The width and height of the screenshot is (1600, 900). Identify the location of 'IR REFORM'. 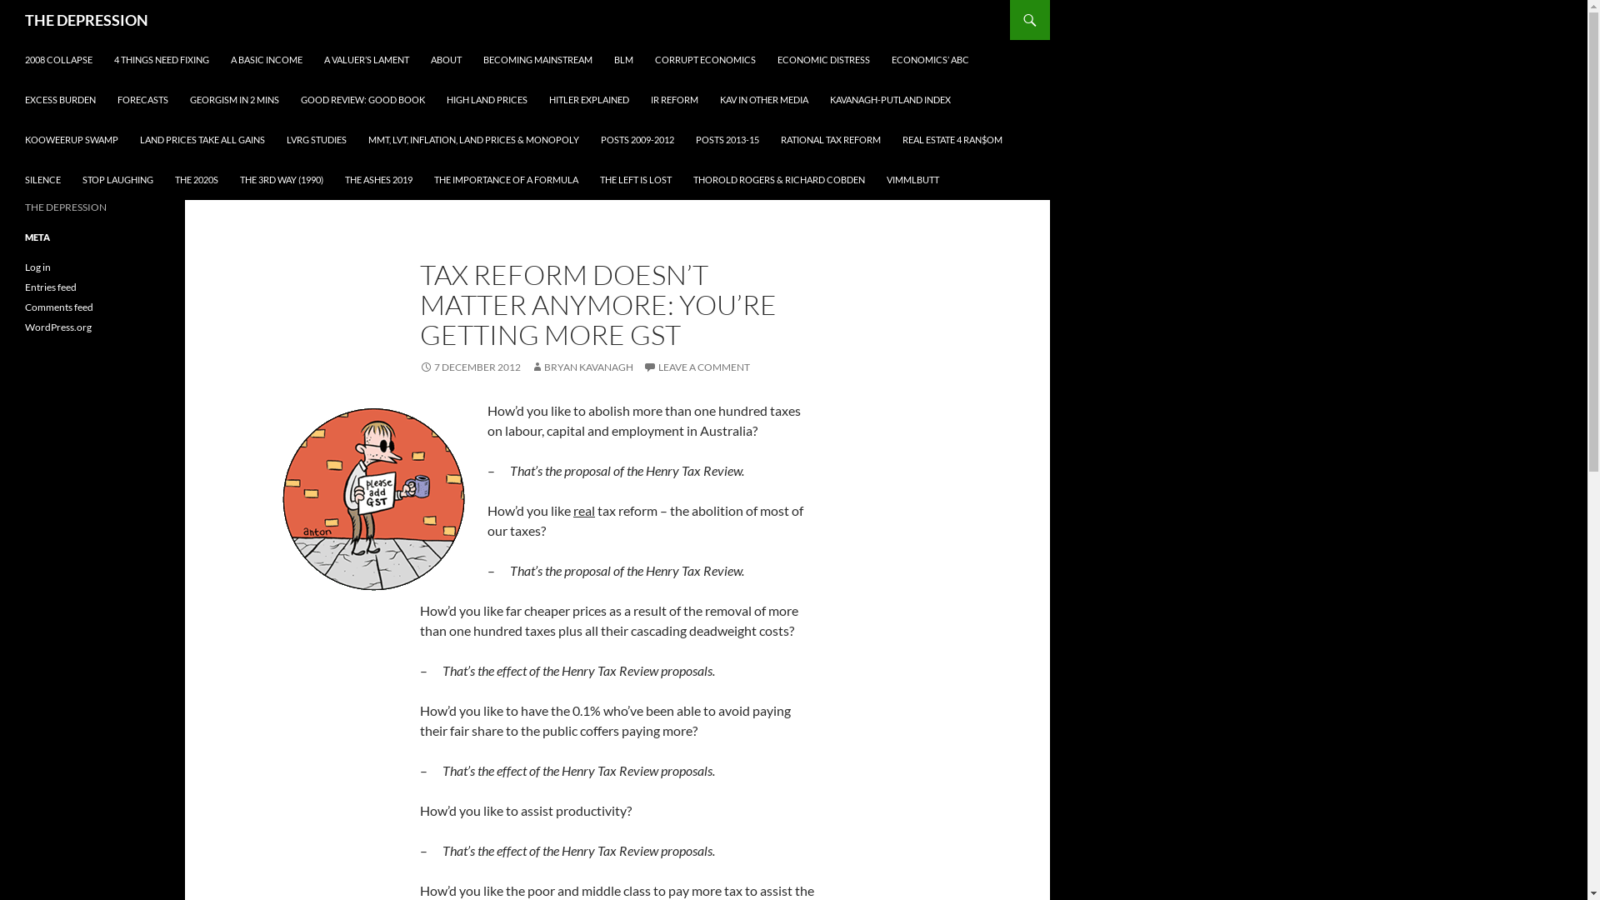
(639, 99).